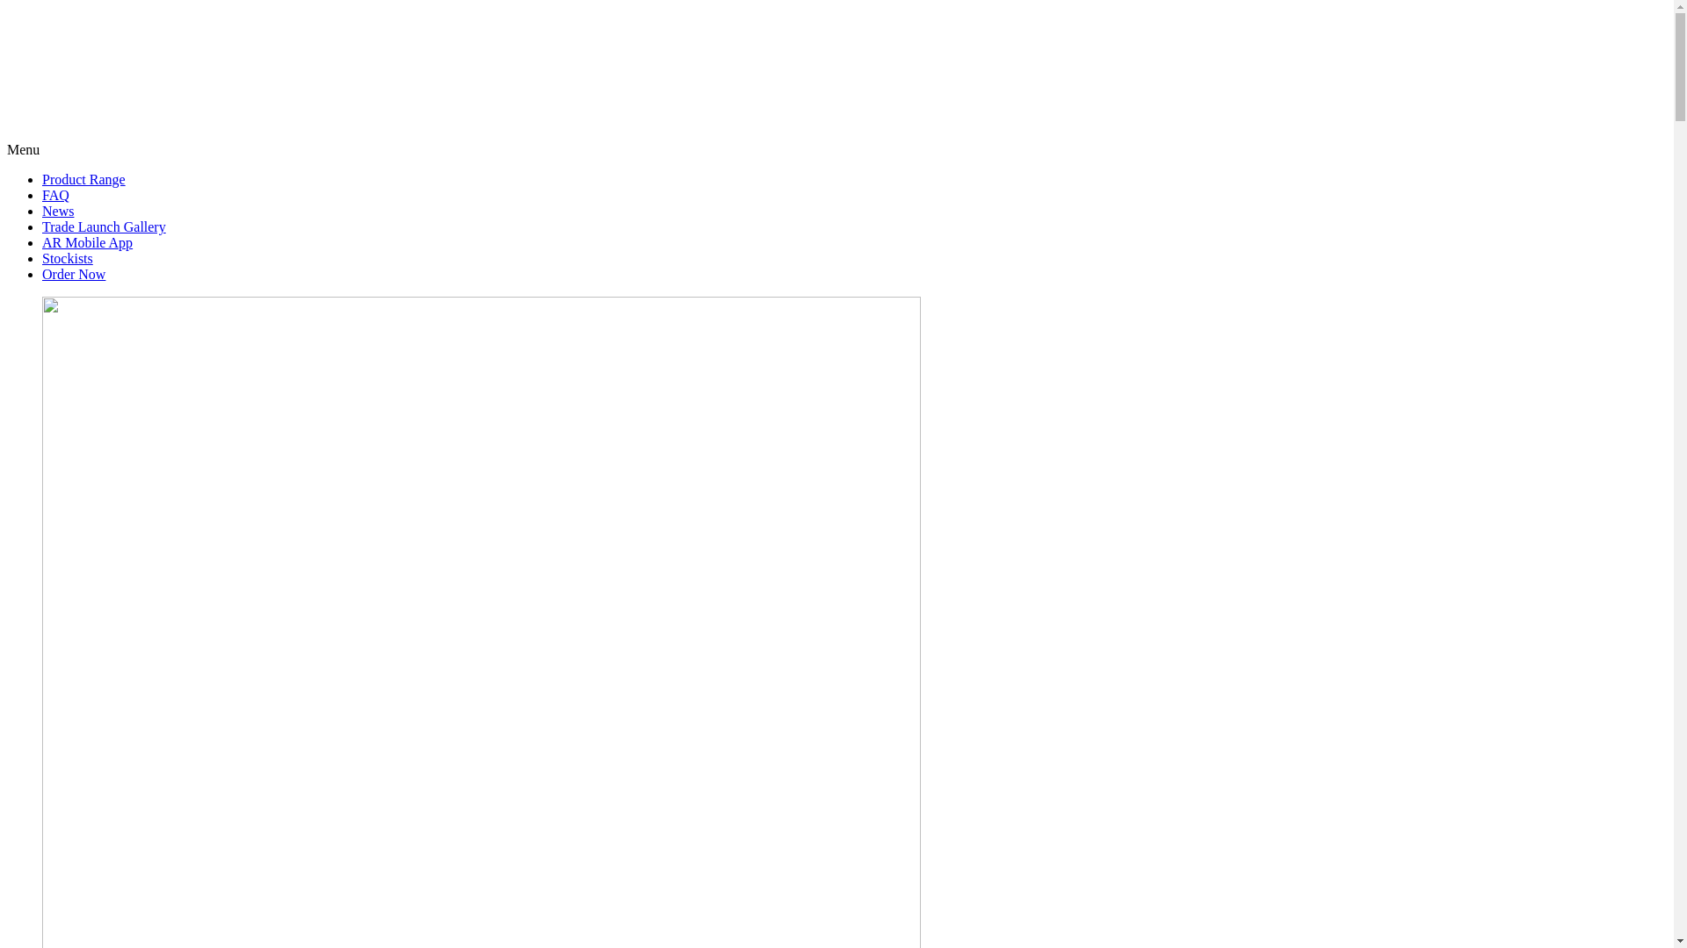 This screenshot has height=948, width=1687. Describe the element at coordinates (67, 258) in the screenshot. I see `'Stockists'` at that location.